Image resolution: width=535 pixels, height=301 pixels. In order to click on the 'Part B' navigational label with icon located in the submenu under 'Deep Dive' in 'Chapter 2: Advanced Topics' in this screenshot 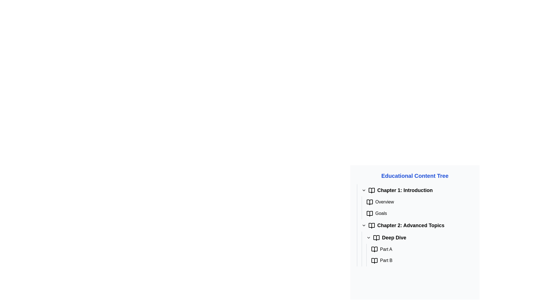, I will do `click(381, 261)`.